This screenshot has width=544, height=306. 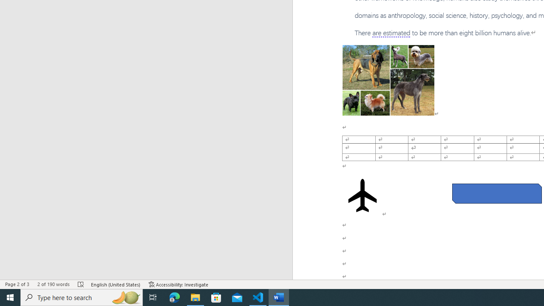 I want to click on 'Rectangle: Diagonal Corners Snipped 2', so click(x=497, y=193).